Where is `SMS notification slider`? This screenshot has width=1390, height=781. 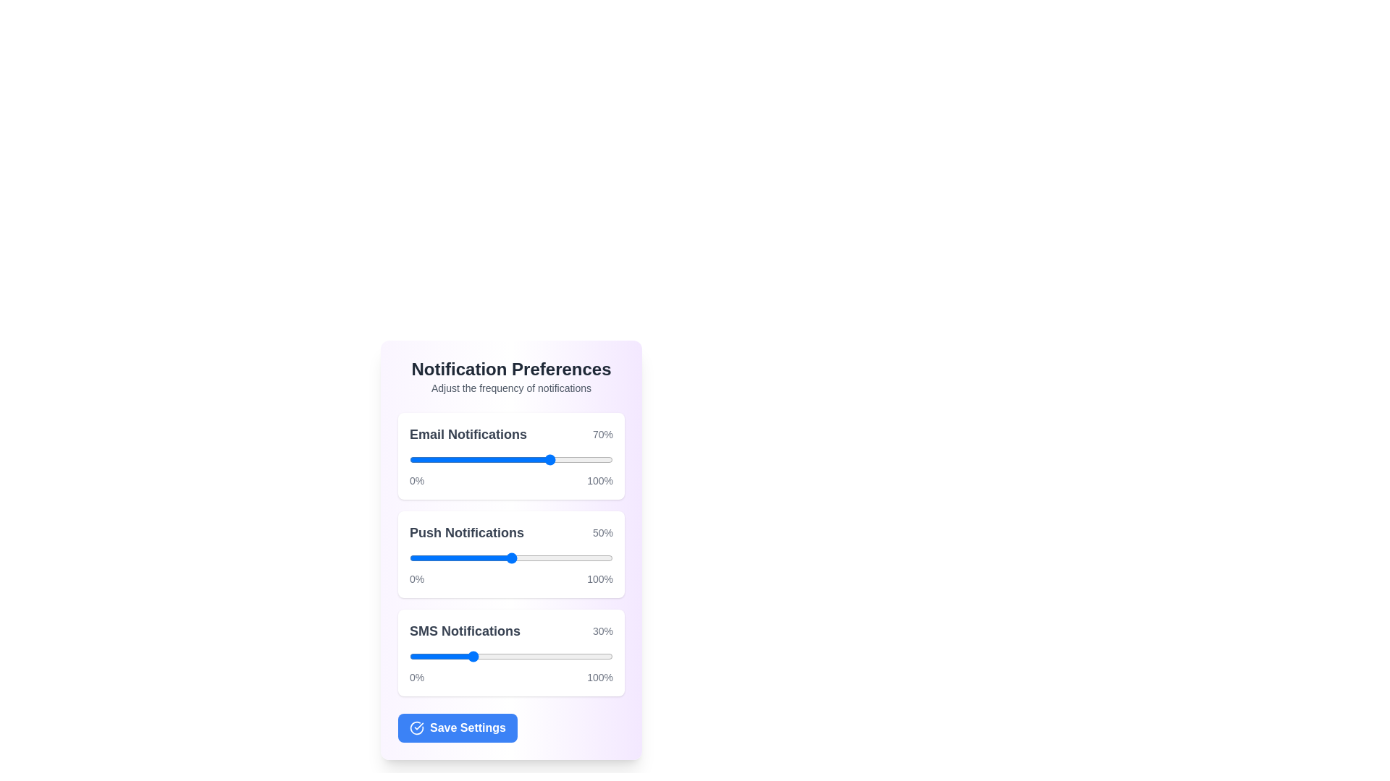 SMS notification slider is located at coordinates (531, 656).